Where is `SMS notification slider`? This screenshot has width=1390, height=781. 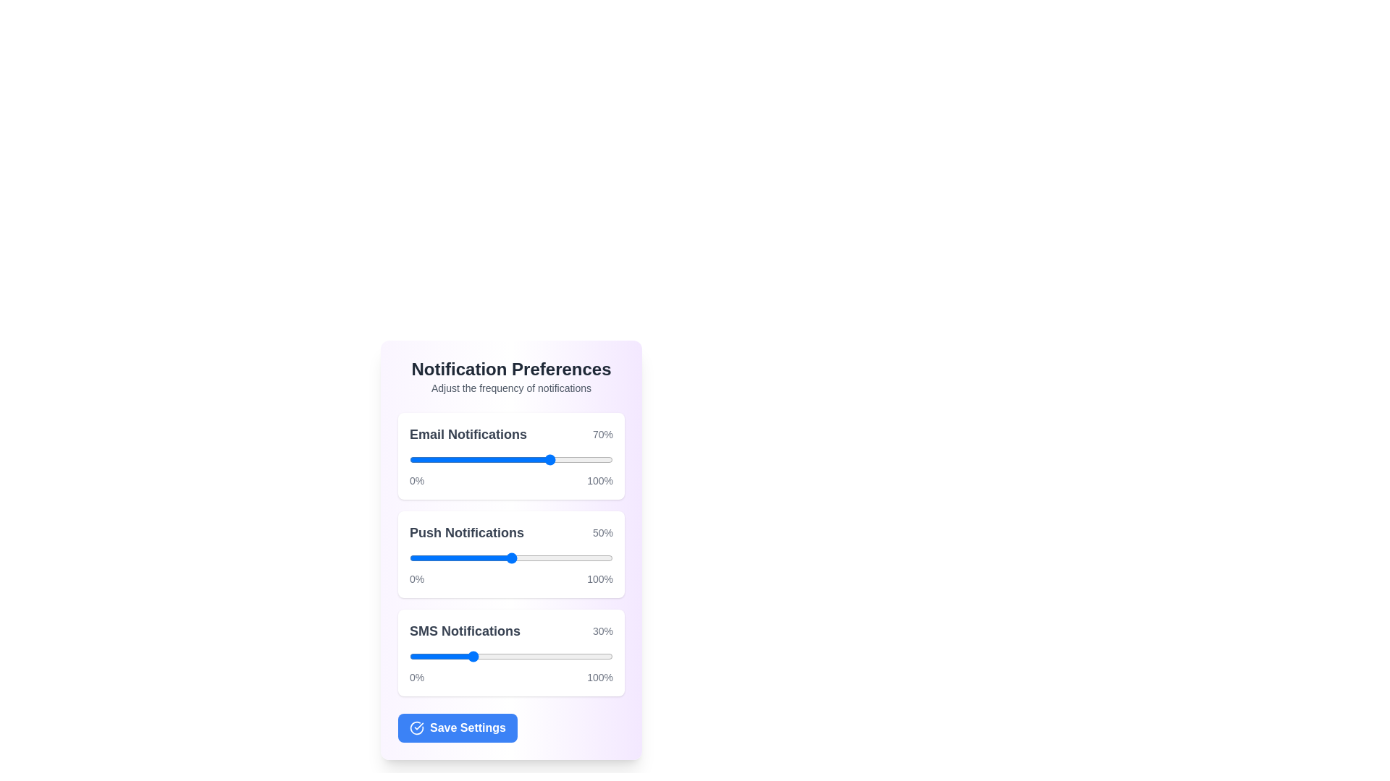 SMS notification slider is located at coordinates (531, 656).